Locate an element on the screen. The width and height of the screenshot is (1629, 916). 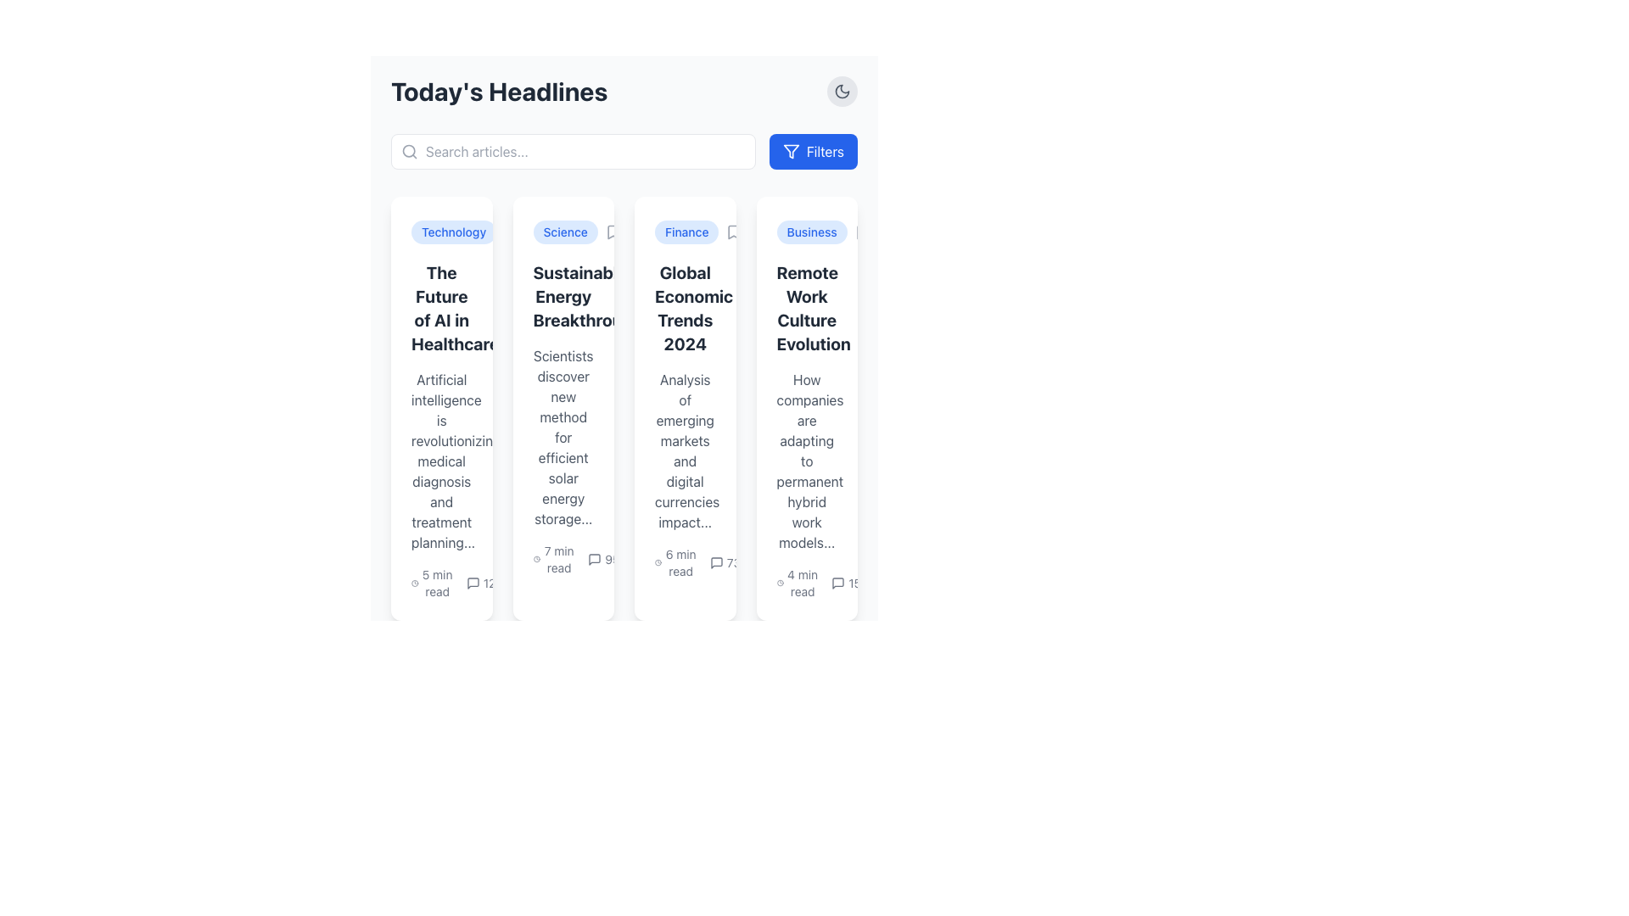
'Technology' category label located at the top-left of the card above the title 'The Future of AI in Healthcare' is located at coordinates (441, 232).